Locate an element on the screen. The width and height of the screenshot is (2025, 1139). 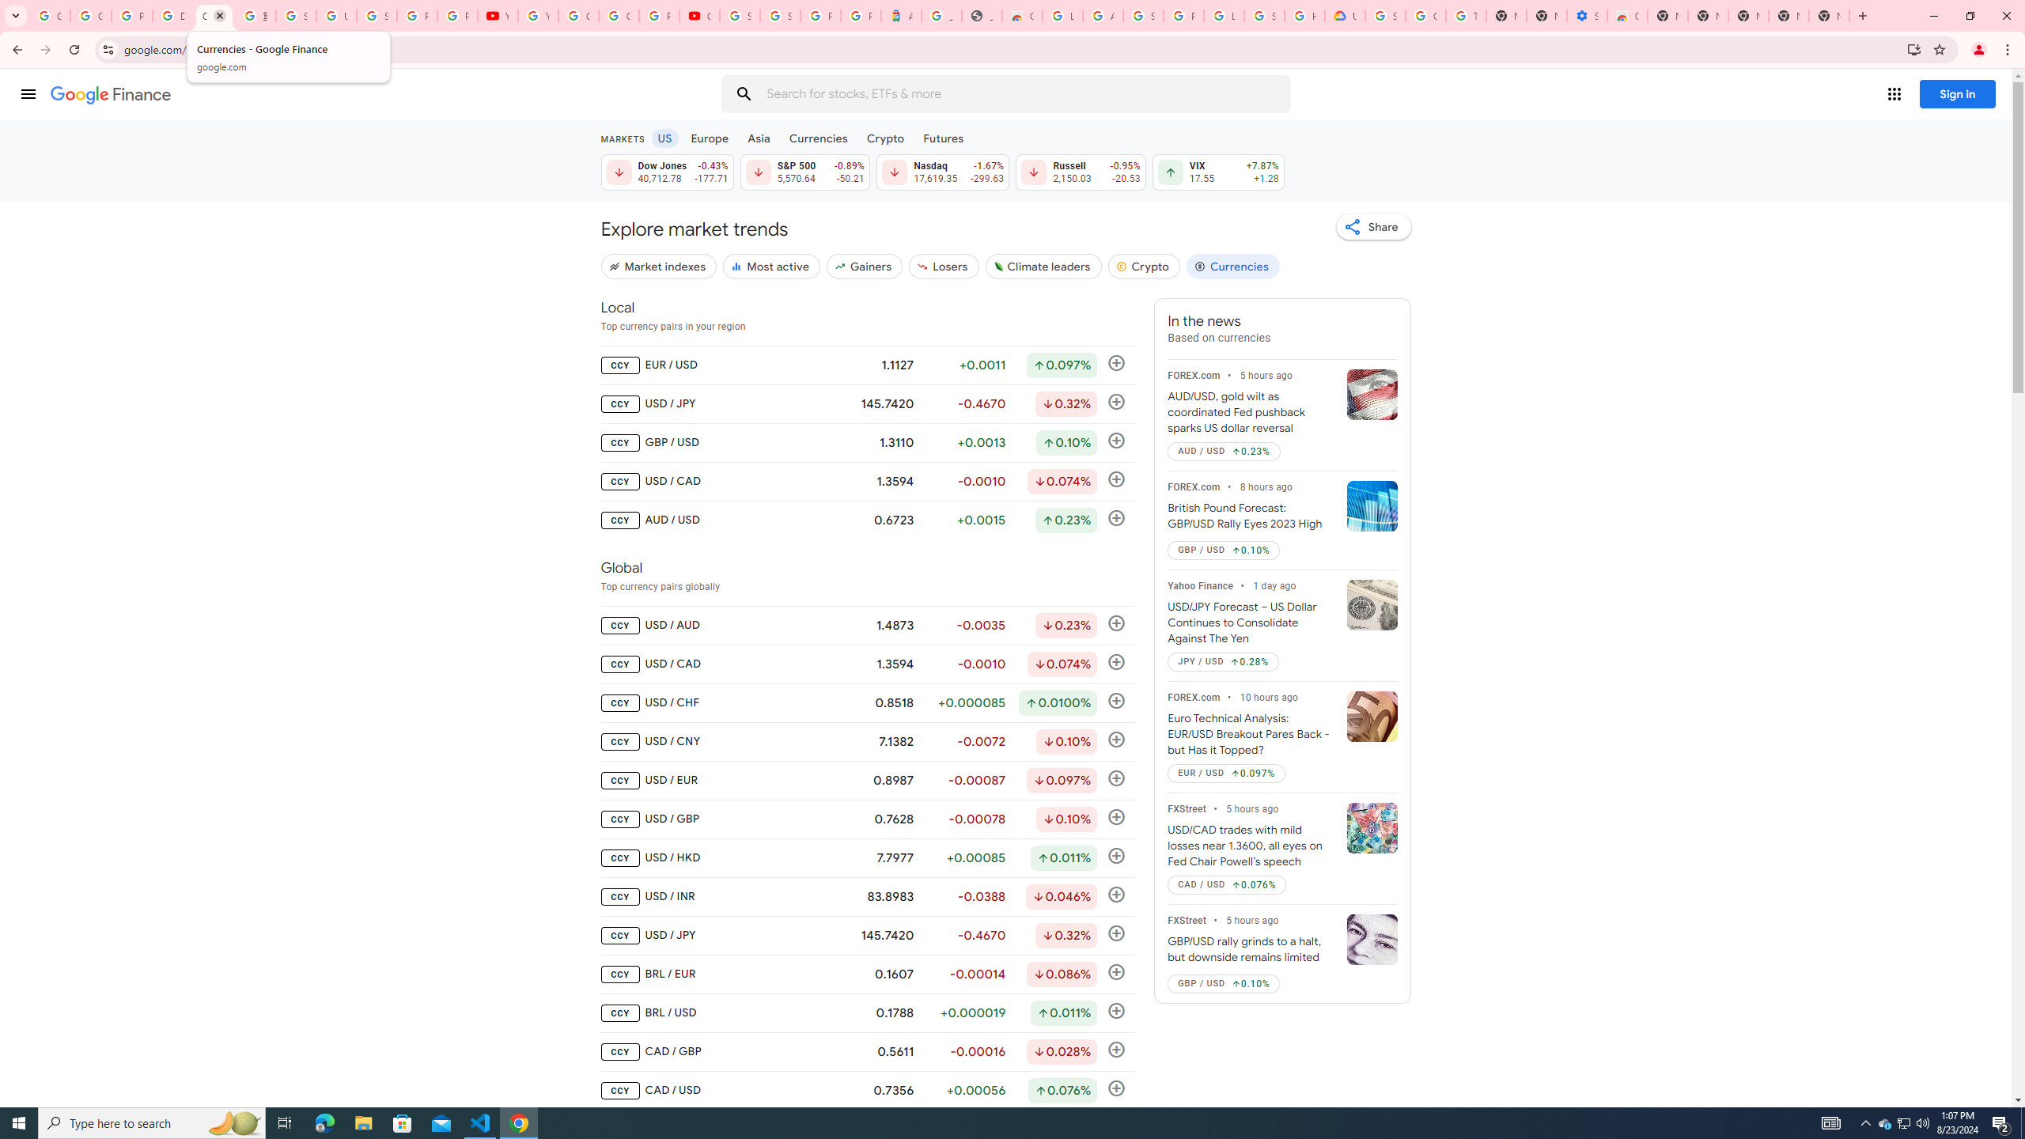
'CCY BRL / USD 0.1788 +0.000019 Up by 0.0089% Follow' is located at coordinates (867, 1012).